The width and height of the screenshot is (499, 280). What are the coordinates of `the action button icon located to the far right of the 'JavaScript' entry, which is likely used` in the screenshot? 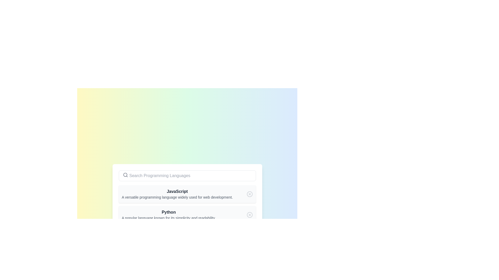 It's located at (249, 194).